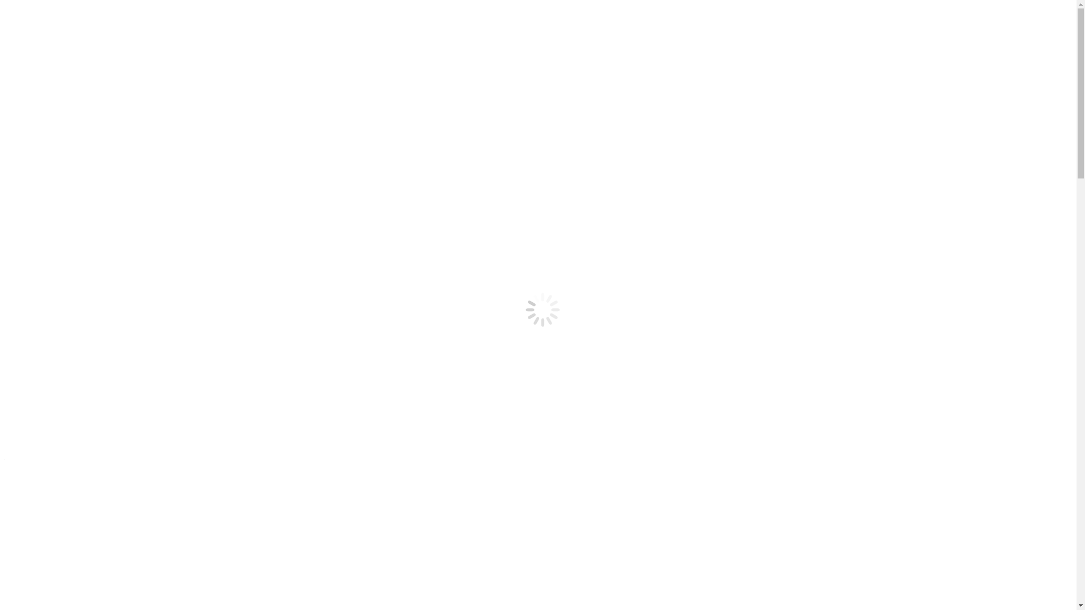  Describe the element at coordinates (46, 143) in the screenshot. I see `'Contact Us'` at that location.